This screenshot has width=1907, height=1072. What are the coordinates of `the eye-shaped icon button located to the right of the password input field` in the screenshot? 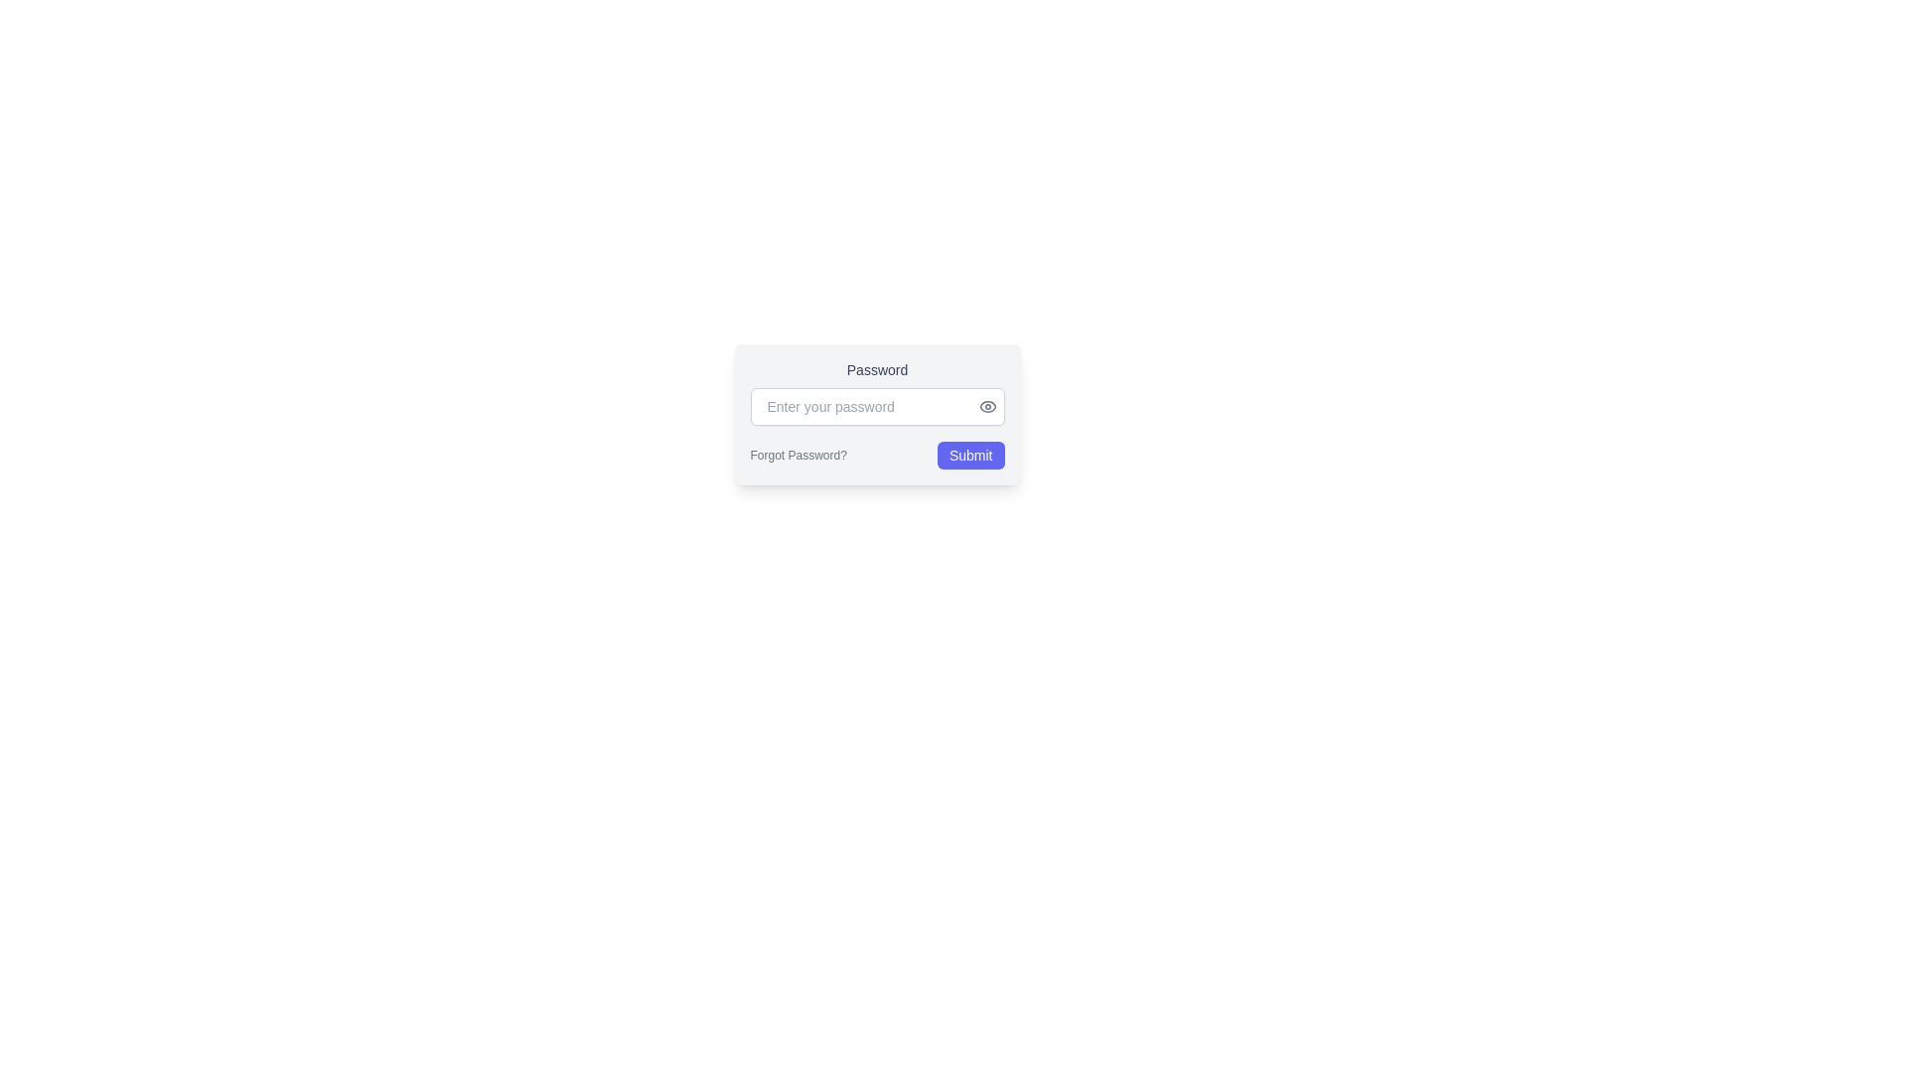 It's located at (991, 405).